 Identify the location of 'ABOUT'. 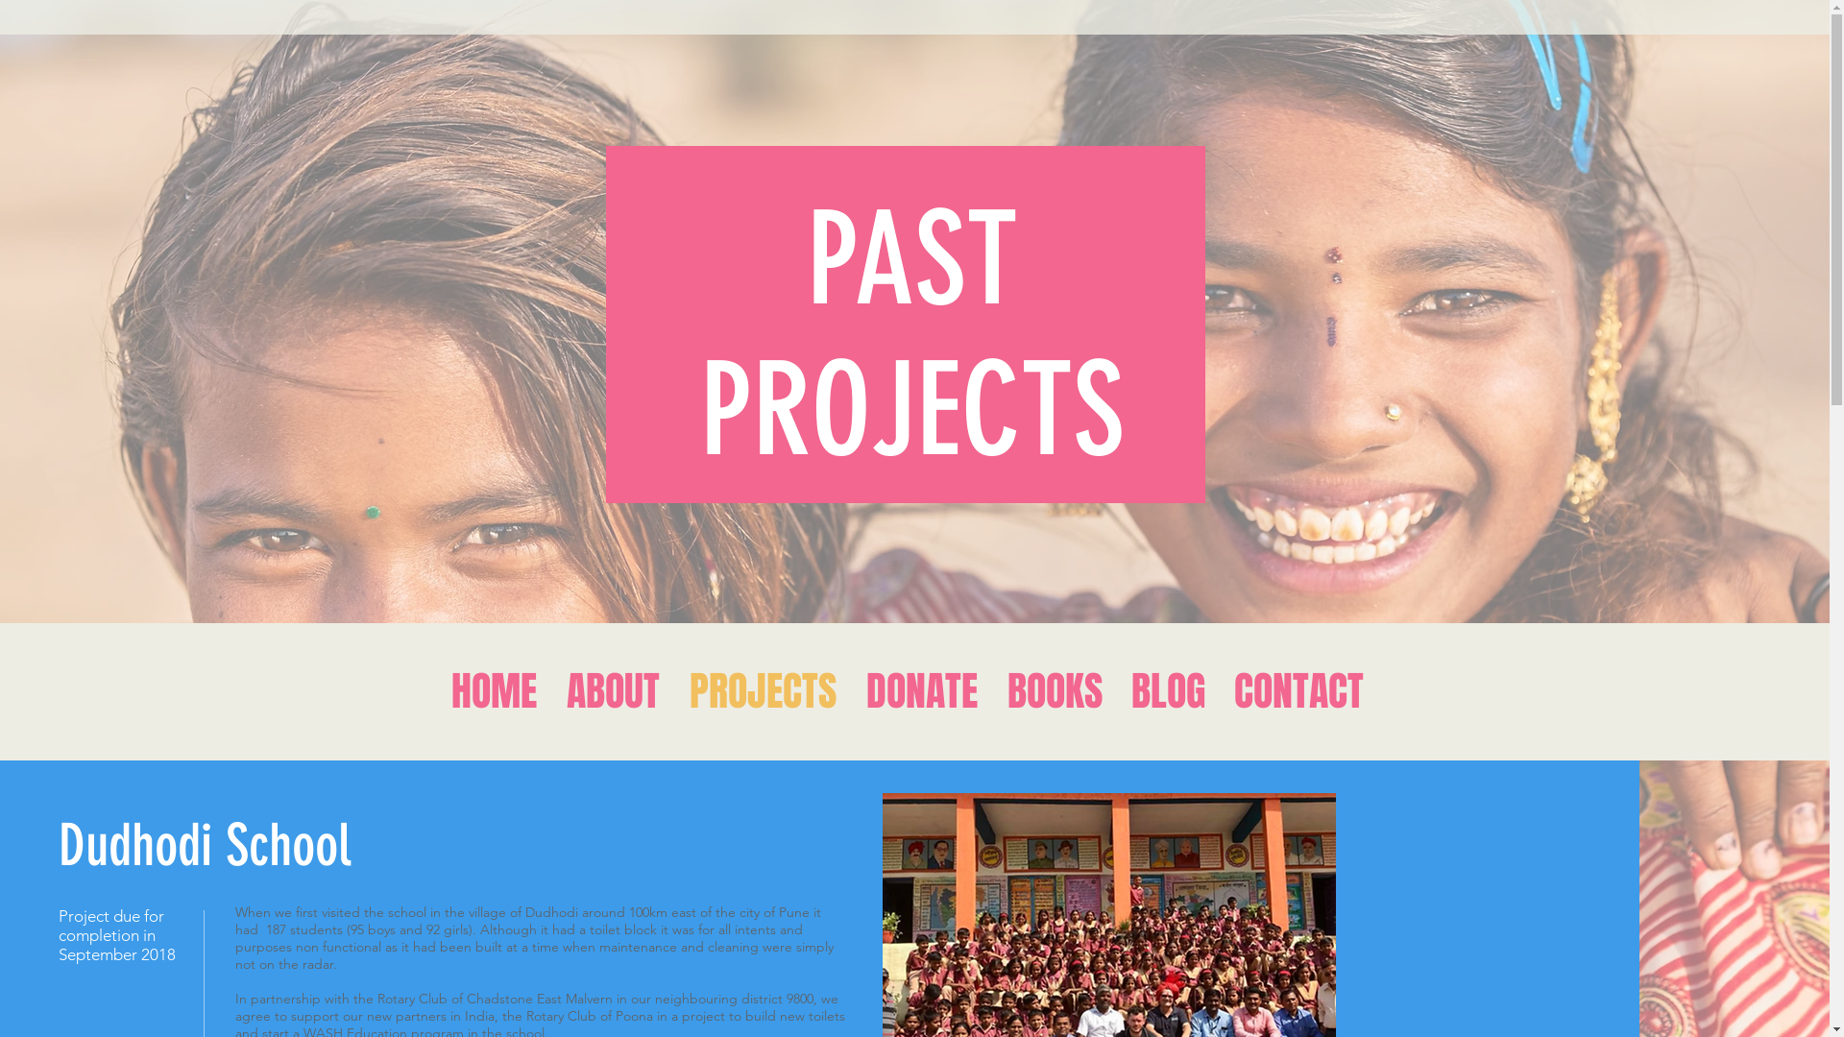
(550, 691).